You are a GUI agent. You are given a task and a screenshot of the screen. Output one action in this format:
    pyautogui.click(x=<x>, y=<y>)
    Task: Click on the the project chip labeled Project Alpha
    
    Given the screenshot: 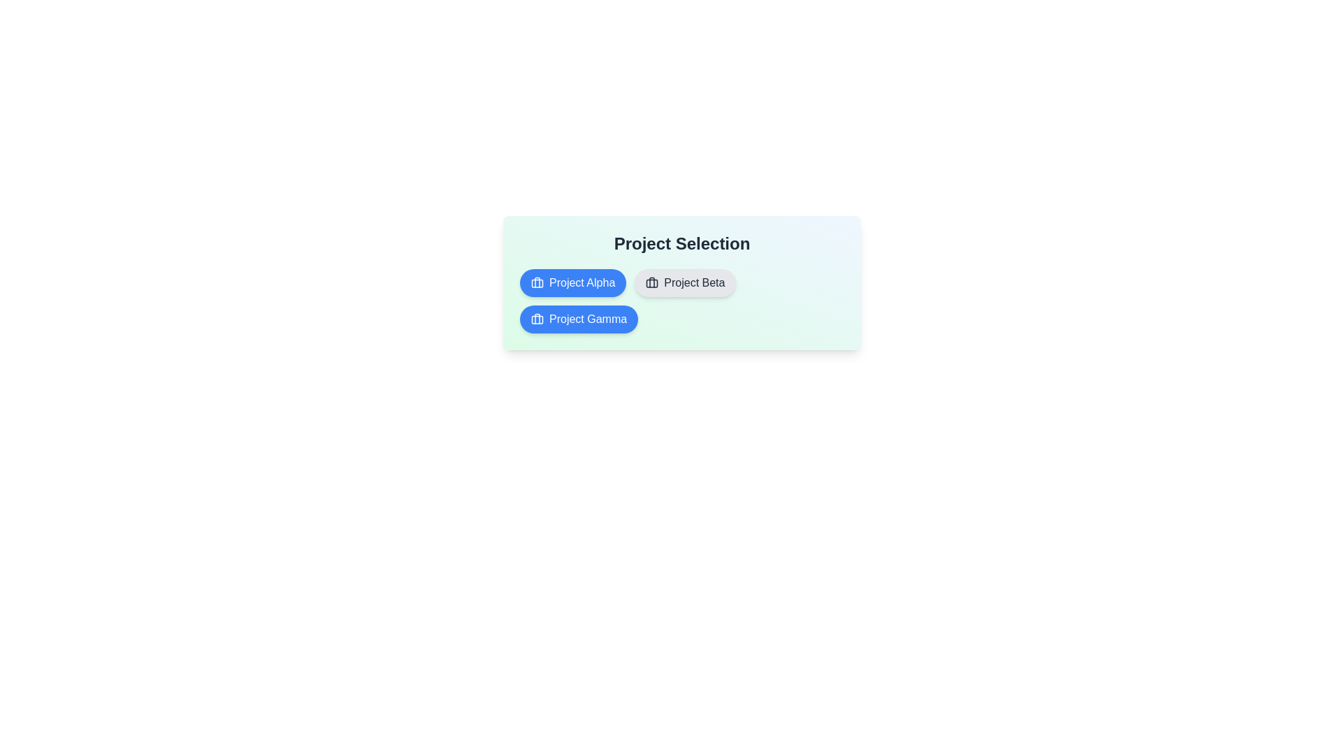 What is the action you would take?
    pyautogui.click(x=573, y=283)
    